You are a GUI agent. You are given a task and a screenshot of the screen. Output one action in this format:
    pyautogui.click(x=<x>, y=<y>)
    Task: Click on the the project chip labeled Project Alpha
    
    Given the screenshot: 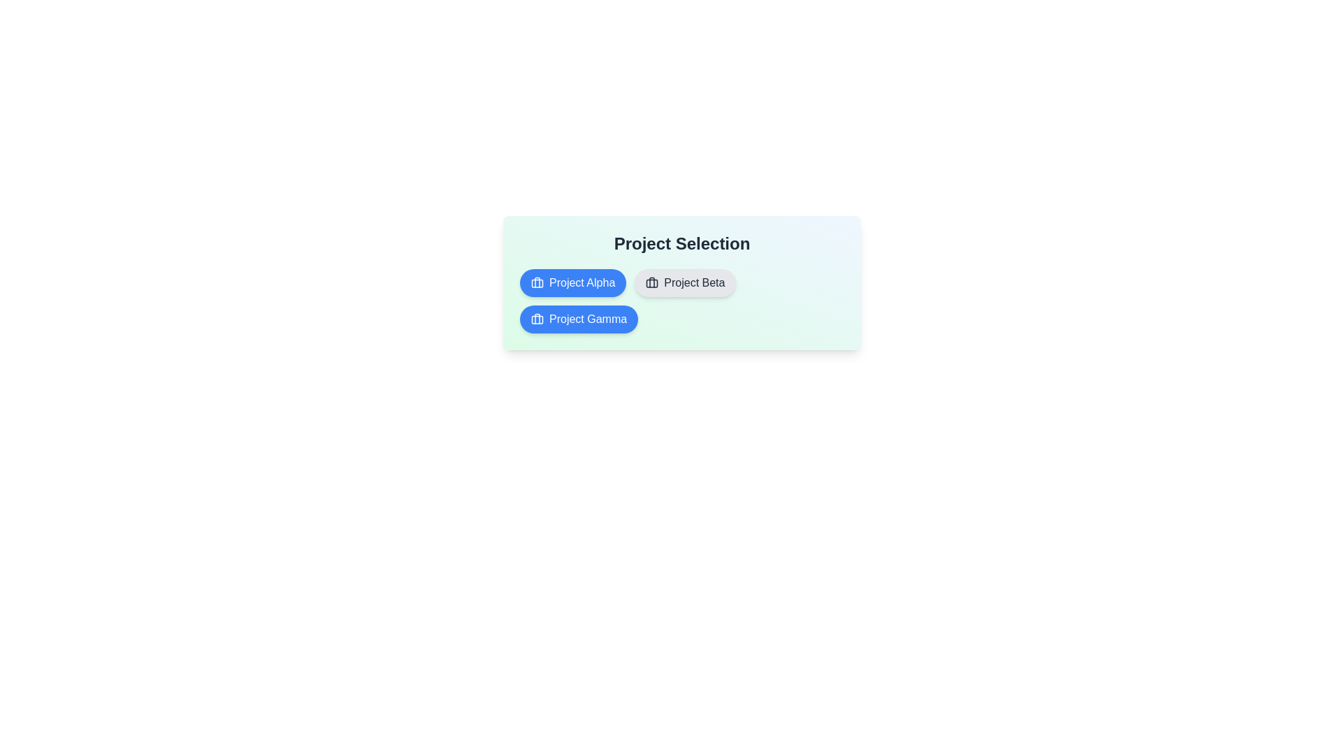 What is the action you would take?
    pyautogui.click(x=573, y=283)
    